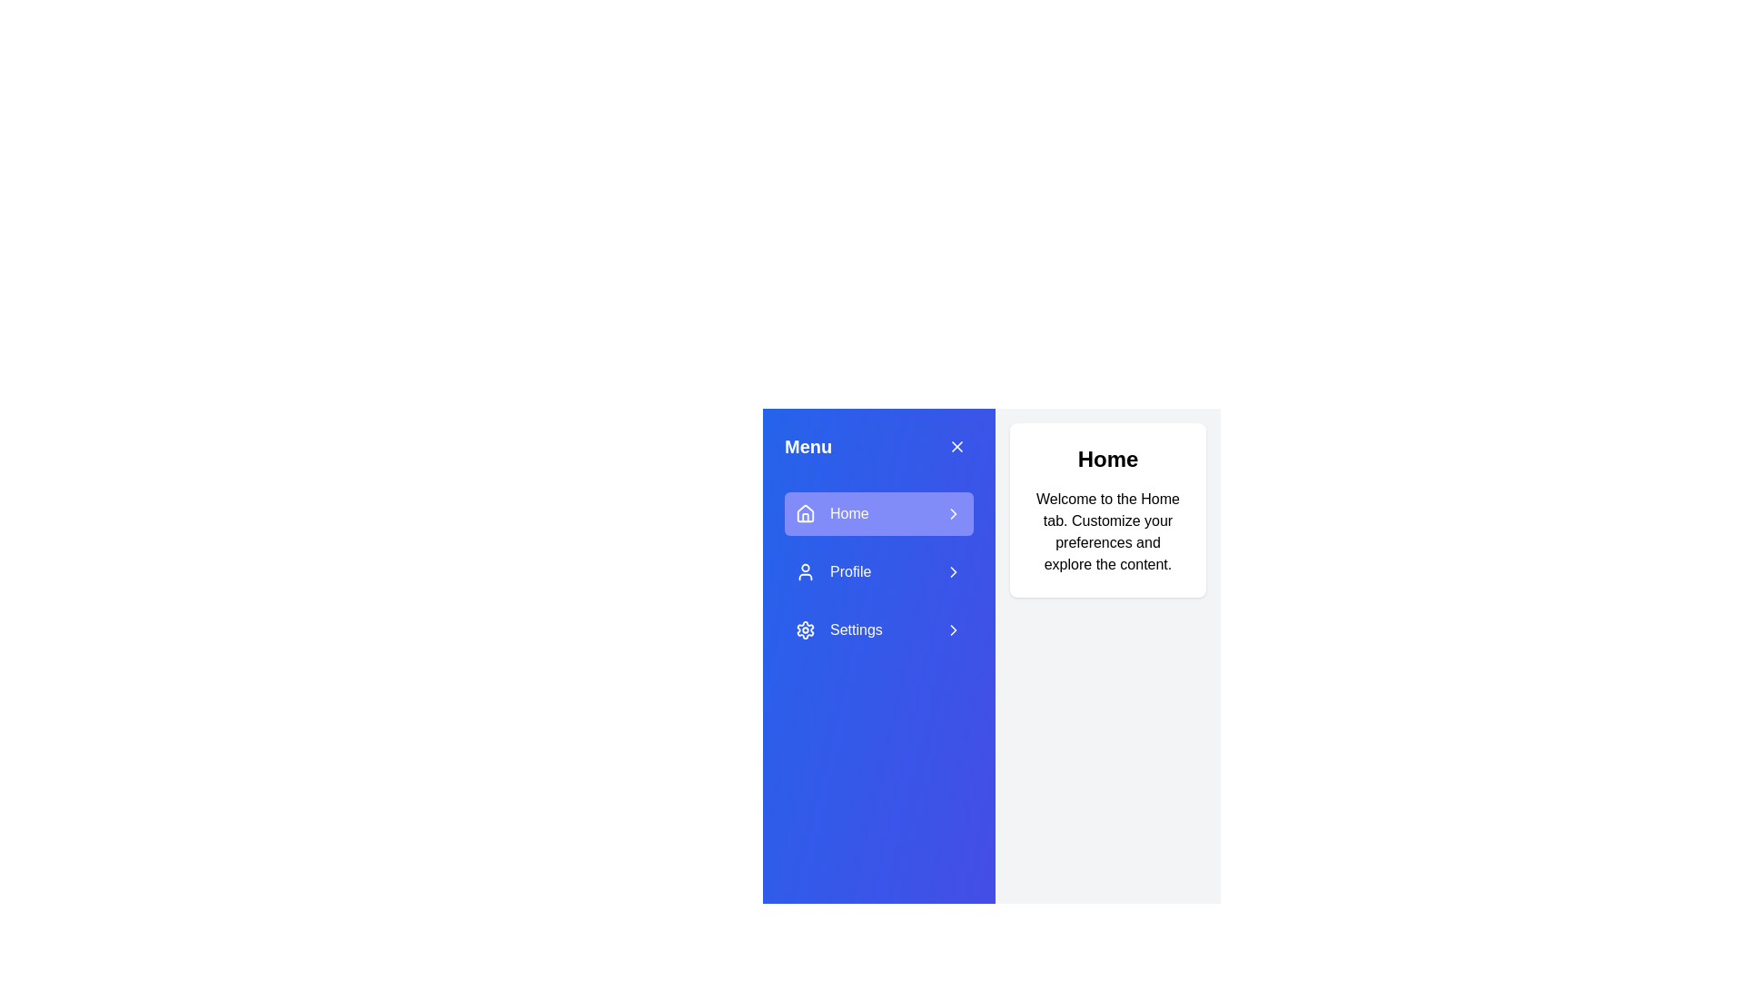  Describe the element at coordinates (808, 447) in the screenshot. I see `the label representing the sidebar menu section located in the top-left of the blue sidebar` at that location.